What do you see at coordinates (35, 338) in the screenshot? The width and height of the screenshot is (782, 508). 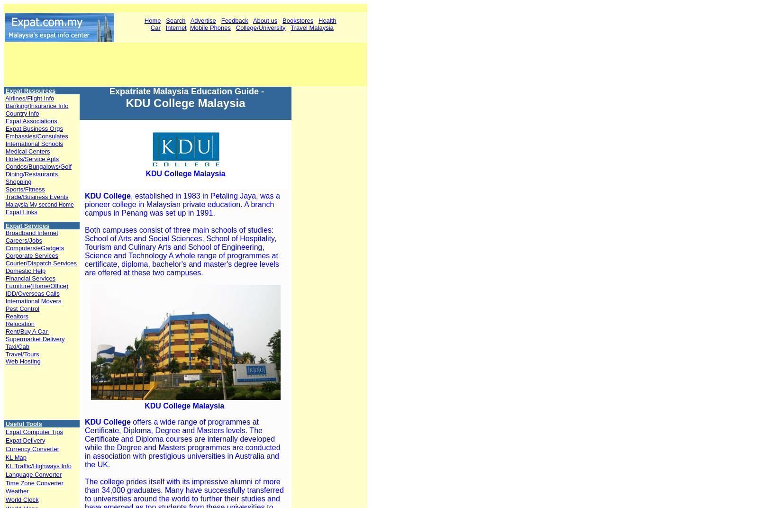 I see `'Supermarket 
	Delivery'` at bounding box center [35, 338].